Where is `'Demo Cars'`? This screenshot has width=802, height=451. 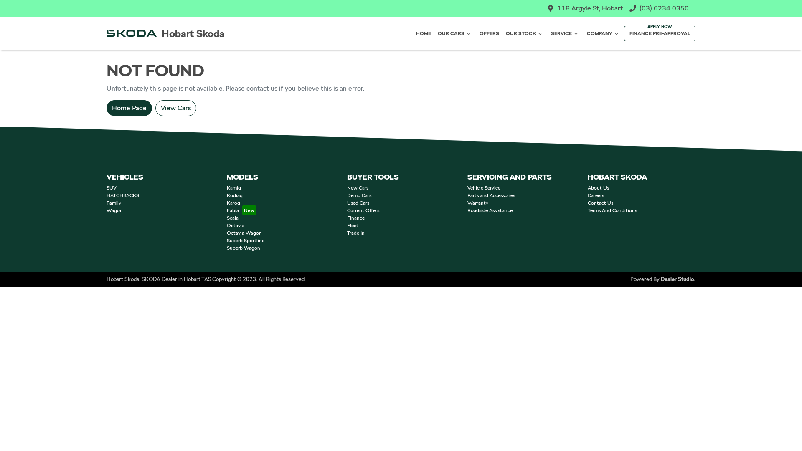
'Demo Cars' is located at coordinates (359, 195).